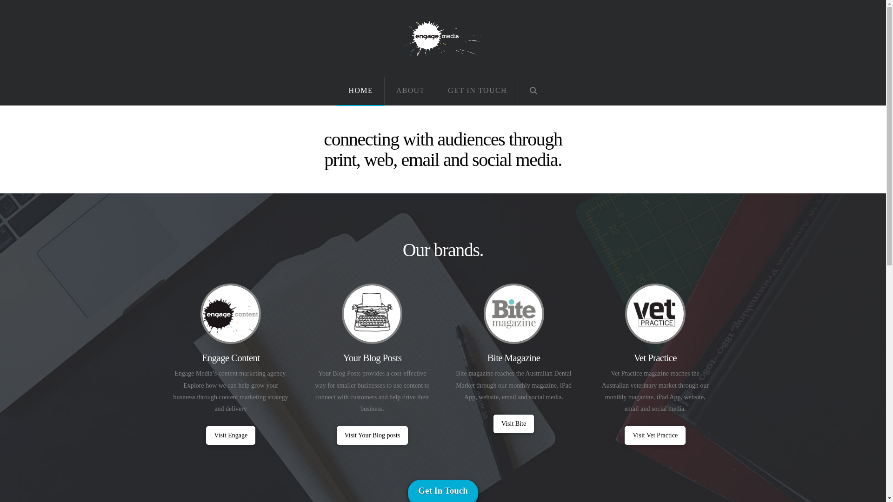 Image resolution: width=893 pixels, height=502 pixels. Describe the element at coordinates (513, 423) in the screenshot. I see `'Visit Bite'` at that location.